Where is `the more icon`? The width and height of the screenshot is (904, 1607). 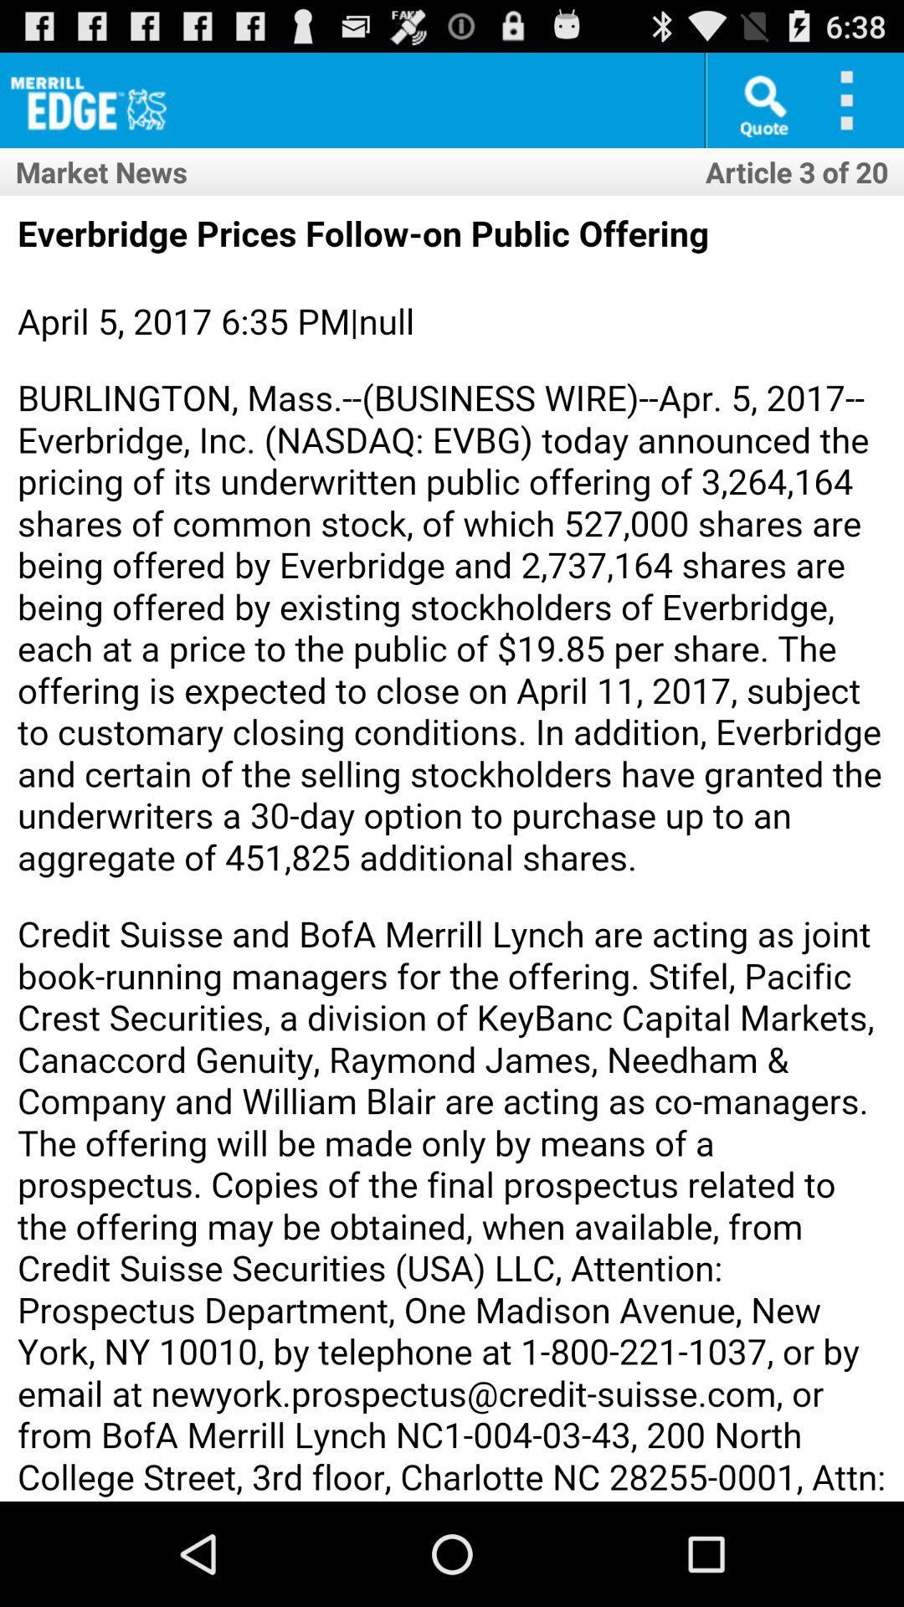 the more icon is located at coordinates (852, 106).